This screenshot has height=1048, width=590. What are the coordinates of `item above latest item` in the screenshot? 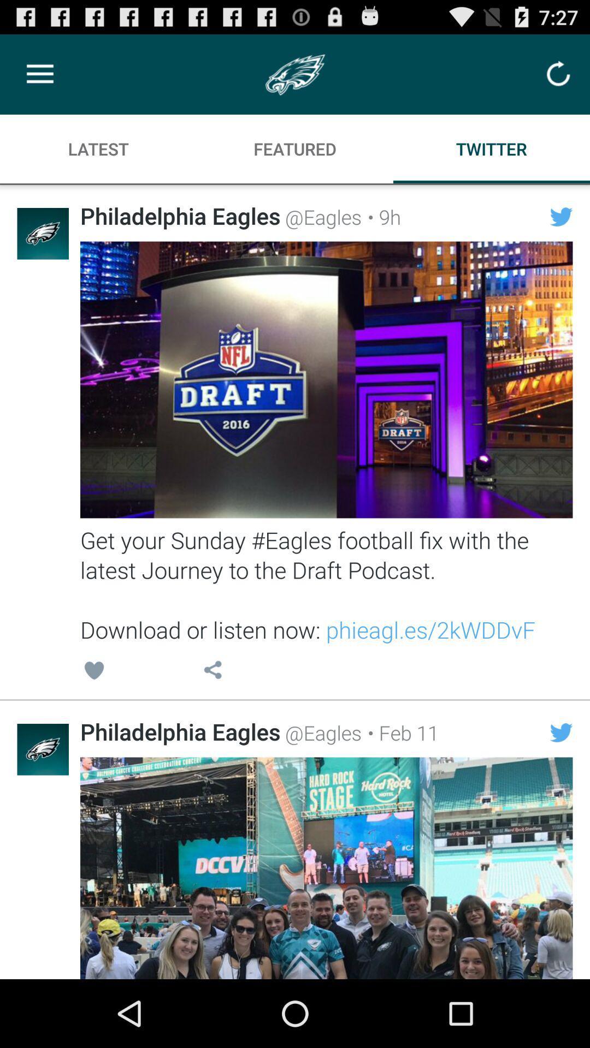 It's located at (39, 74).